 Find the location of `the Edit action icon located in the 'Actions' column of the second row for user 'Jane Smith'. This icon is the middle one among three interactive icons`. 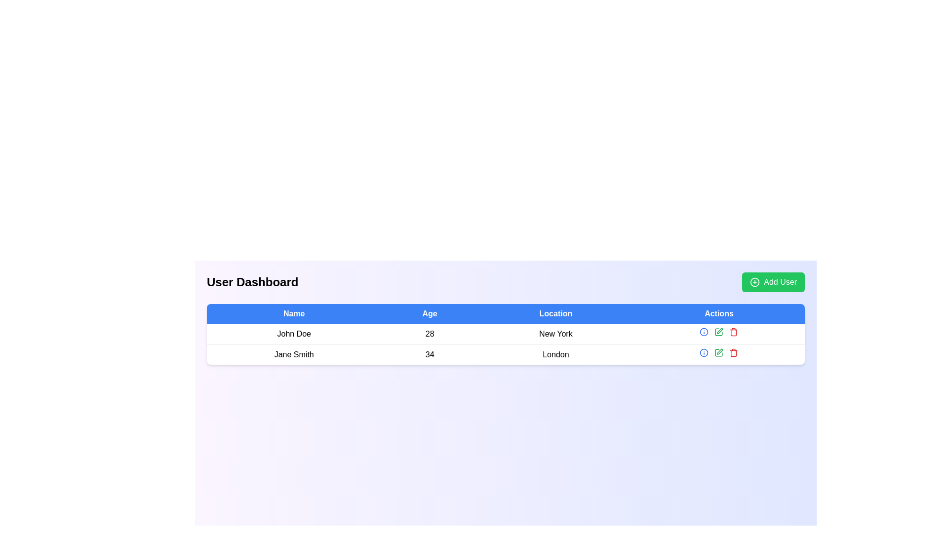

the Edit action icon located in the 'Actions' column of the second row for user 'Jane Smith'. This icon is the middle one among three interactive icons is located at coordinates (719, 352).